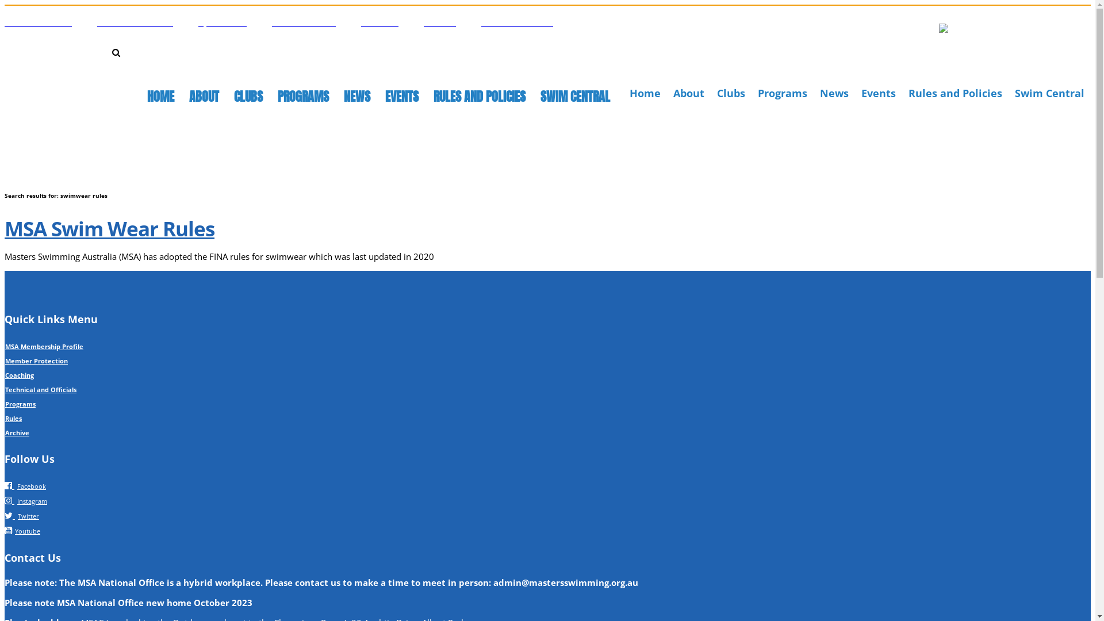 Image resolution: width=1104 pixels, height=621 pixels. I want to click on 'MSA Membership Profile', so click(44, 346).